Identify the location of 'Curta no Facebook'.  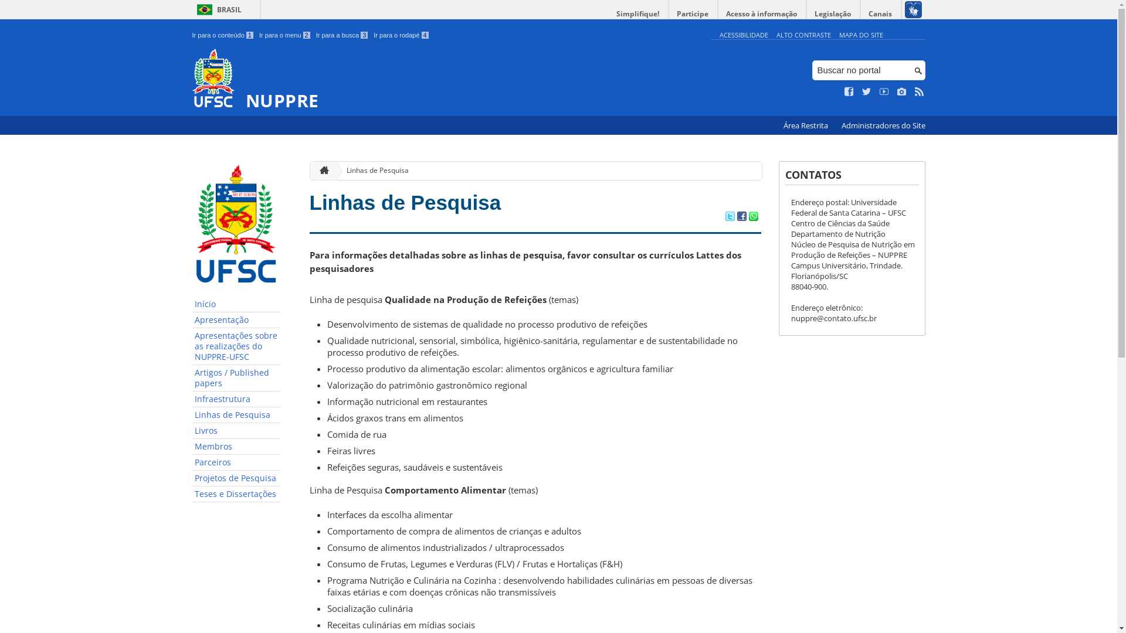
(849, 91).